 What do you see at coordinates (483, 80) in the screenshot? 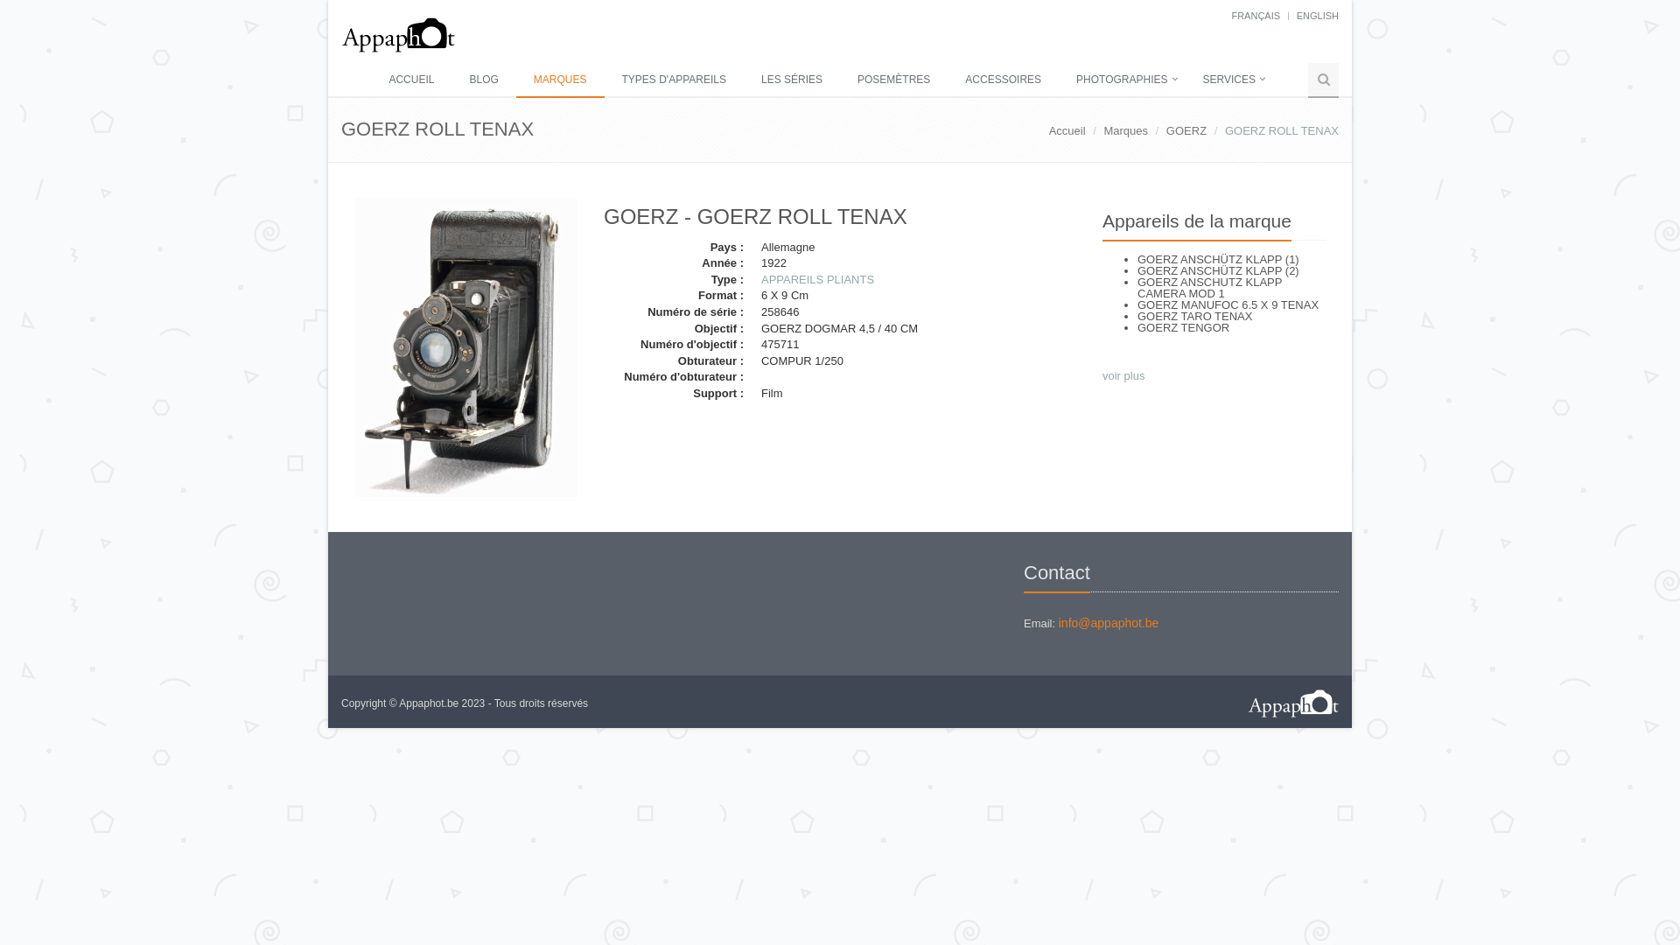
I see `'BLOG'` at bounding box center [483, 80].